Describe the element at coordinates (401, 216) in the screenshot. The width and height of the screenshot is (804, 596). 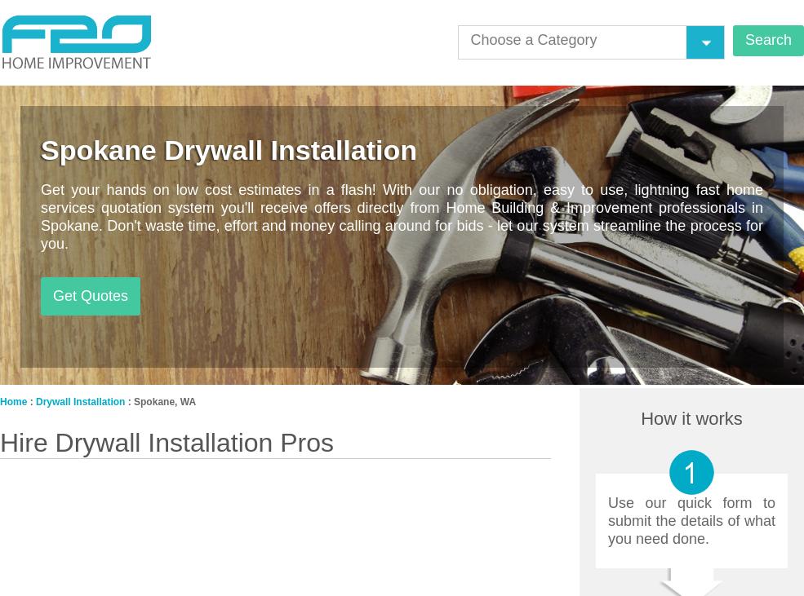
I see `'Get your hands on low cost estimates in a flash! With our no obligation, easy to use, lightning fast home services quotation system you'll receive offers directly from Home Building & Improvement professionals in Spokane. Don't waste time, effort and money calling around for bids - let our system streamline the process for you.'` at that location.